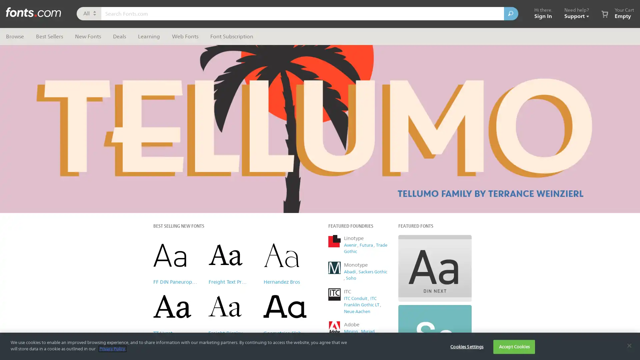 The image size is (640, 360). I want to click on Close, so click(445, 48).